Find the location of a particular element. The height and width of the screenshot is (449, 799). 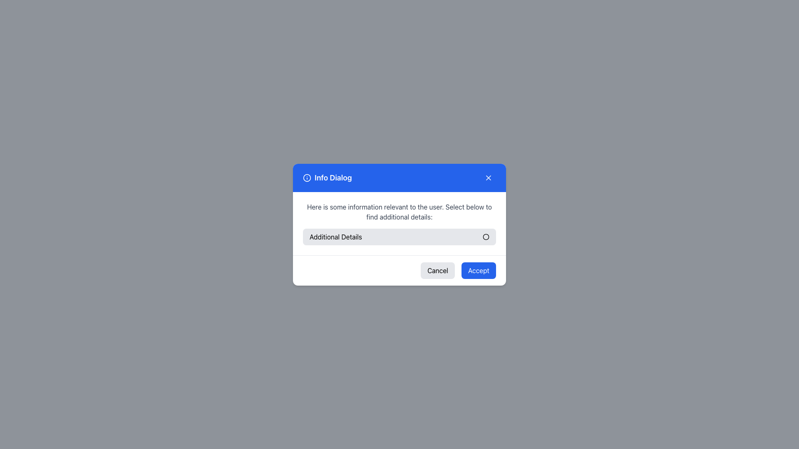

the custom vector graphic icon representing the close action in the top-right corner of the blue header of the 'Info Dialog' modal to trigger a visual indicator is located at coordinates (489, 177).